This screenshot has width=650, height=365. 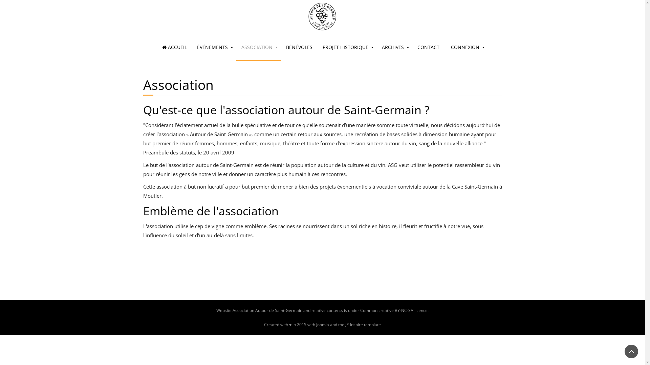 What do you see at coordinates (174, 47) in the screenshot?
I see `'ACCUEIL'` at bounding box center [174, 47].